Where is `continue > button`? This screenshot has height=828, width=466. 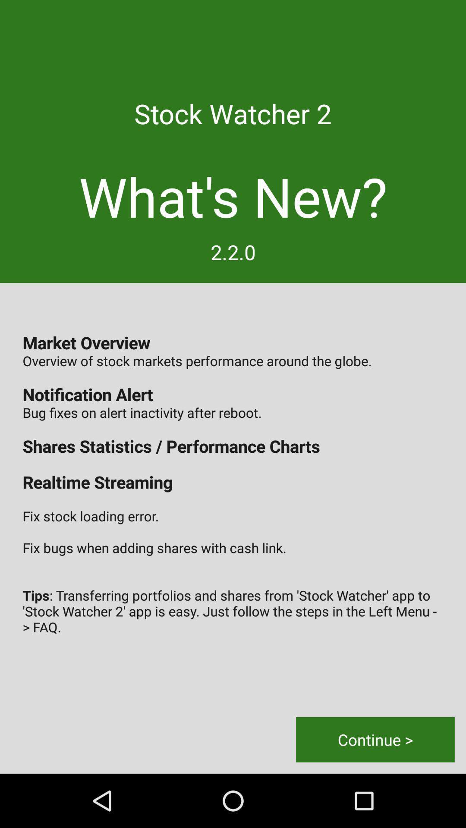 continue > button is located at coordinates (375, 739).